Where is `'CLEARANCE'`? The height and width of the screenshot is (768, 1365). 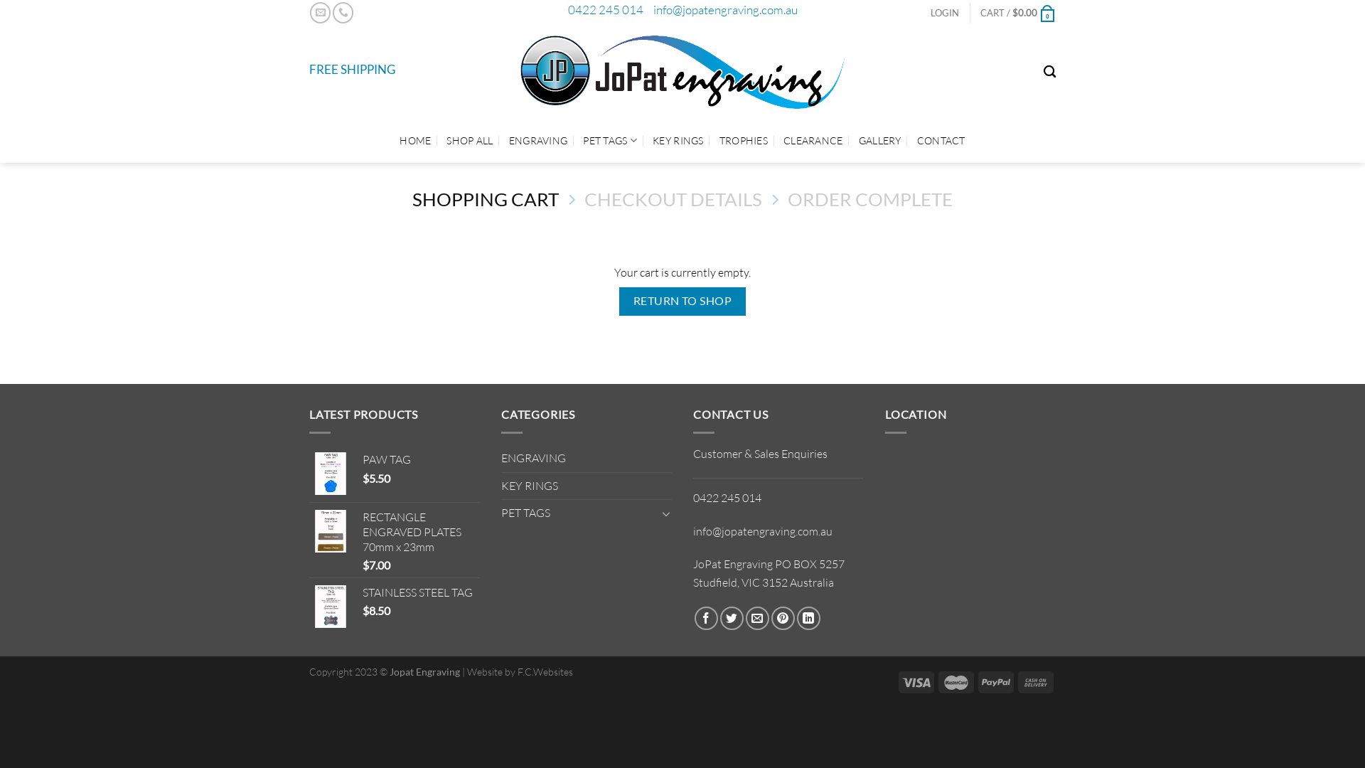 'CLEARANCE' is located at coordinates (813, 140).